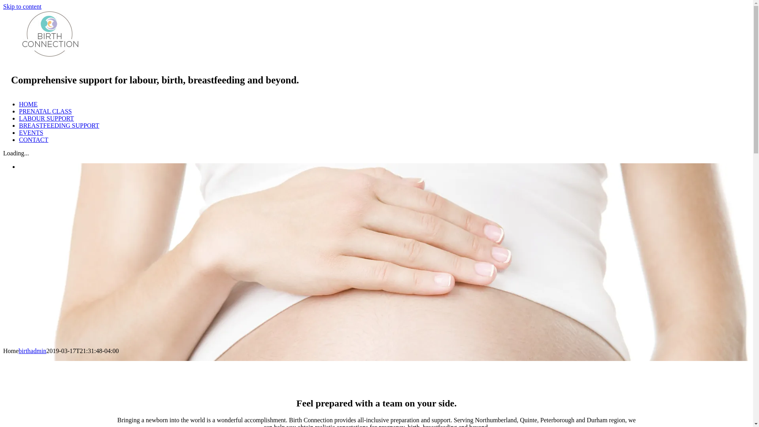  What do you see at coordinates (22, 6) in the screenshot?
I see `'Skip to content'` at bounding box center [22, 6].